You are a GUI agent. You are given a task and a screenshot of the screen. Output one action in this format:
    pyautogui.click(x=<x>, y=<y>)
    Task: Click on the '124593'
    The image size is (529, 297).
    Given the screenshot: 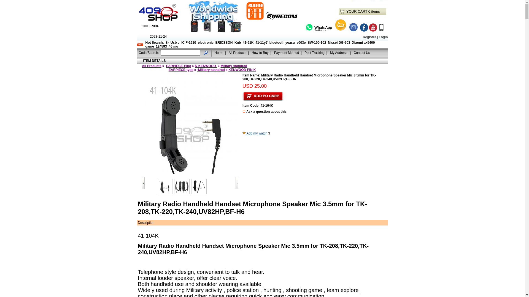 What is the action you would take?
    pyautogui.click(x=156, y=46)
    